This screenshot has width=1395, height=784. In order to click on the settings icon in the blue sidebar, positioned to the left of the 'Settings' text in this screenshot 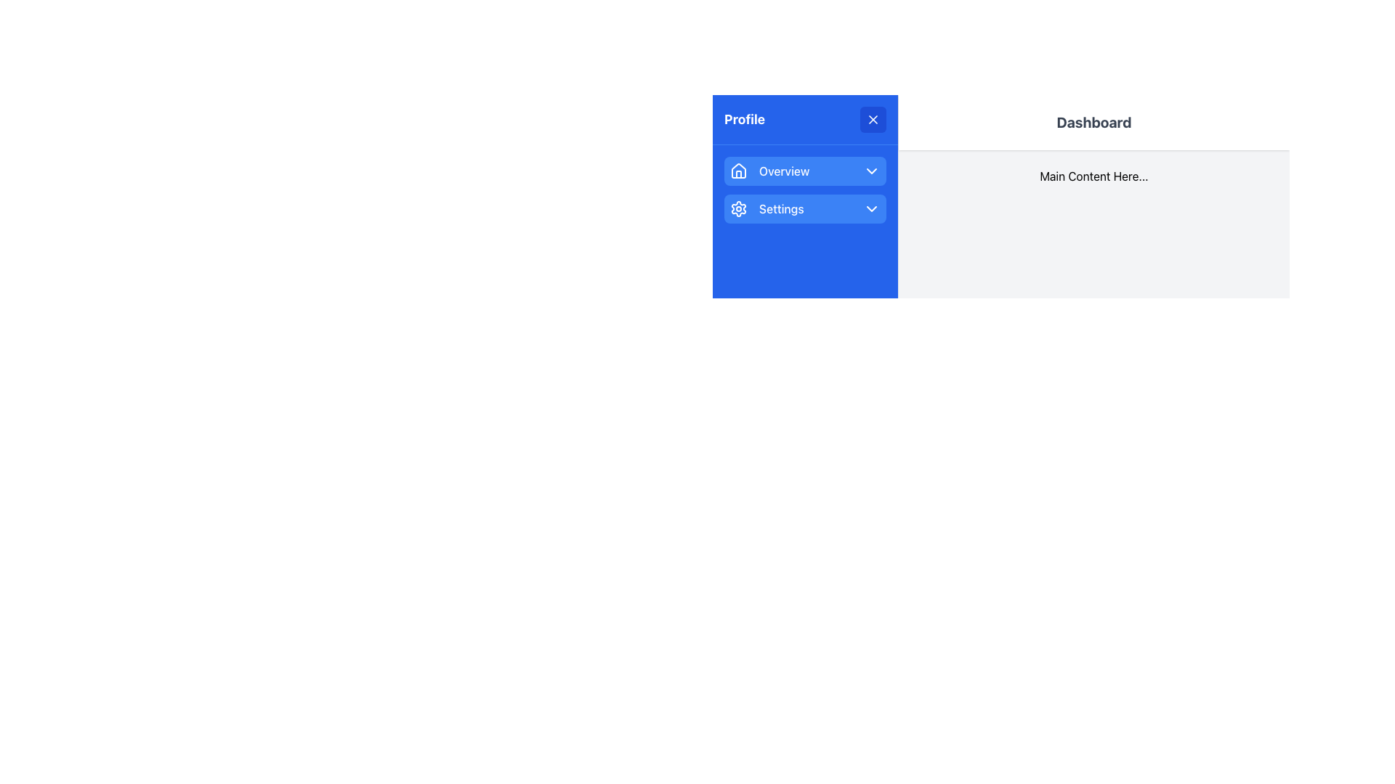, I will do `click(739, 209)`.